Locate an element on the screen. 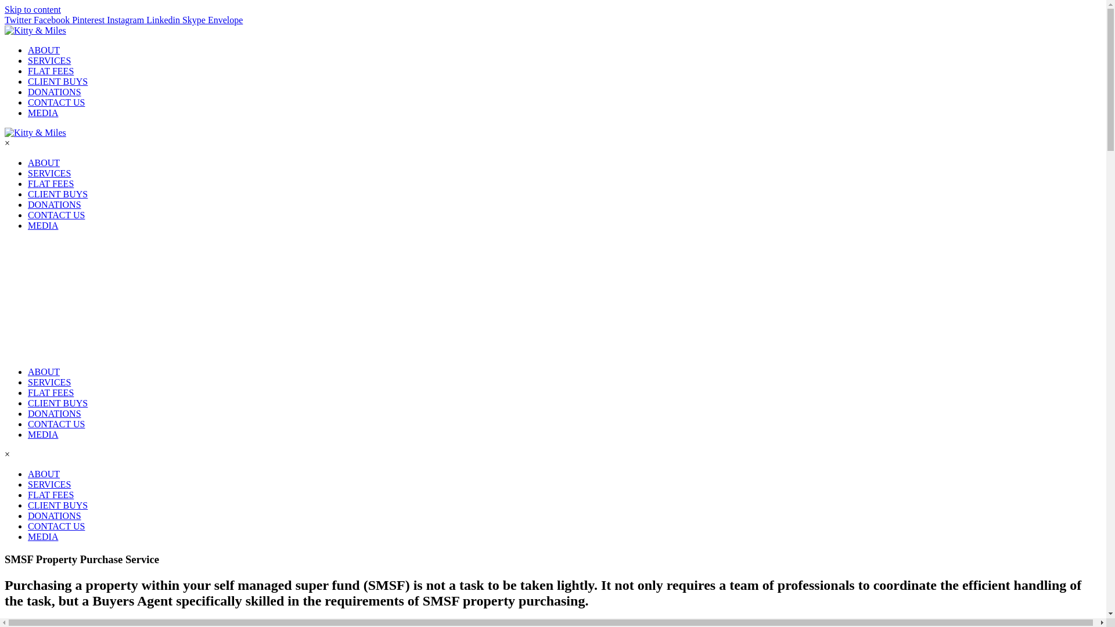 The height and width of the screenshot is (627, 1115). 'CONTACT US' is located at coordinates (786, 53).